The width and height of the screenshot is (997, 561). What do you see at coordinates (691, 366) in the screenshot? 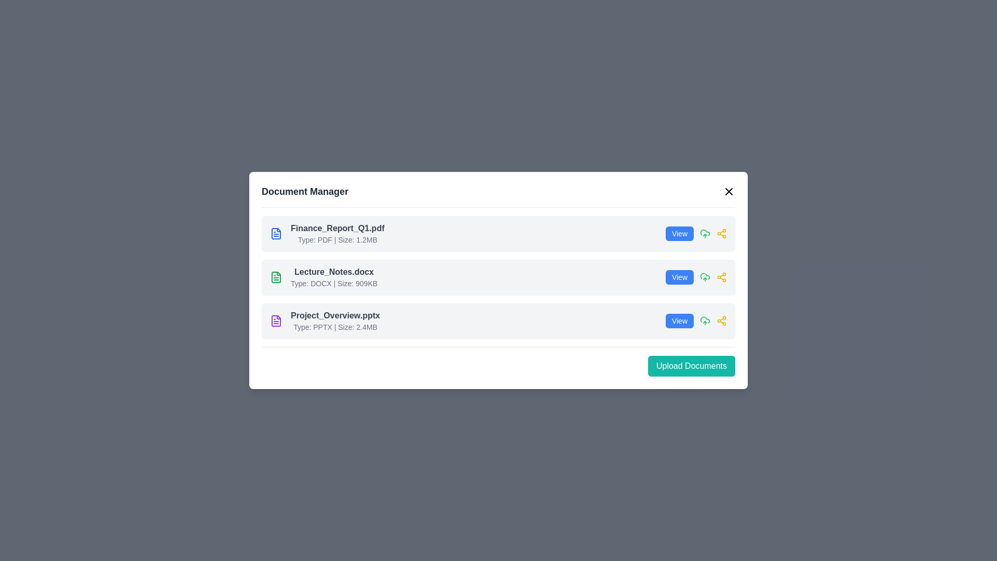
I see `the upload button located in the bottom-right corner of the panel` at bounding box center [691, 366].